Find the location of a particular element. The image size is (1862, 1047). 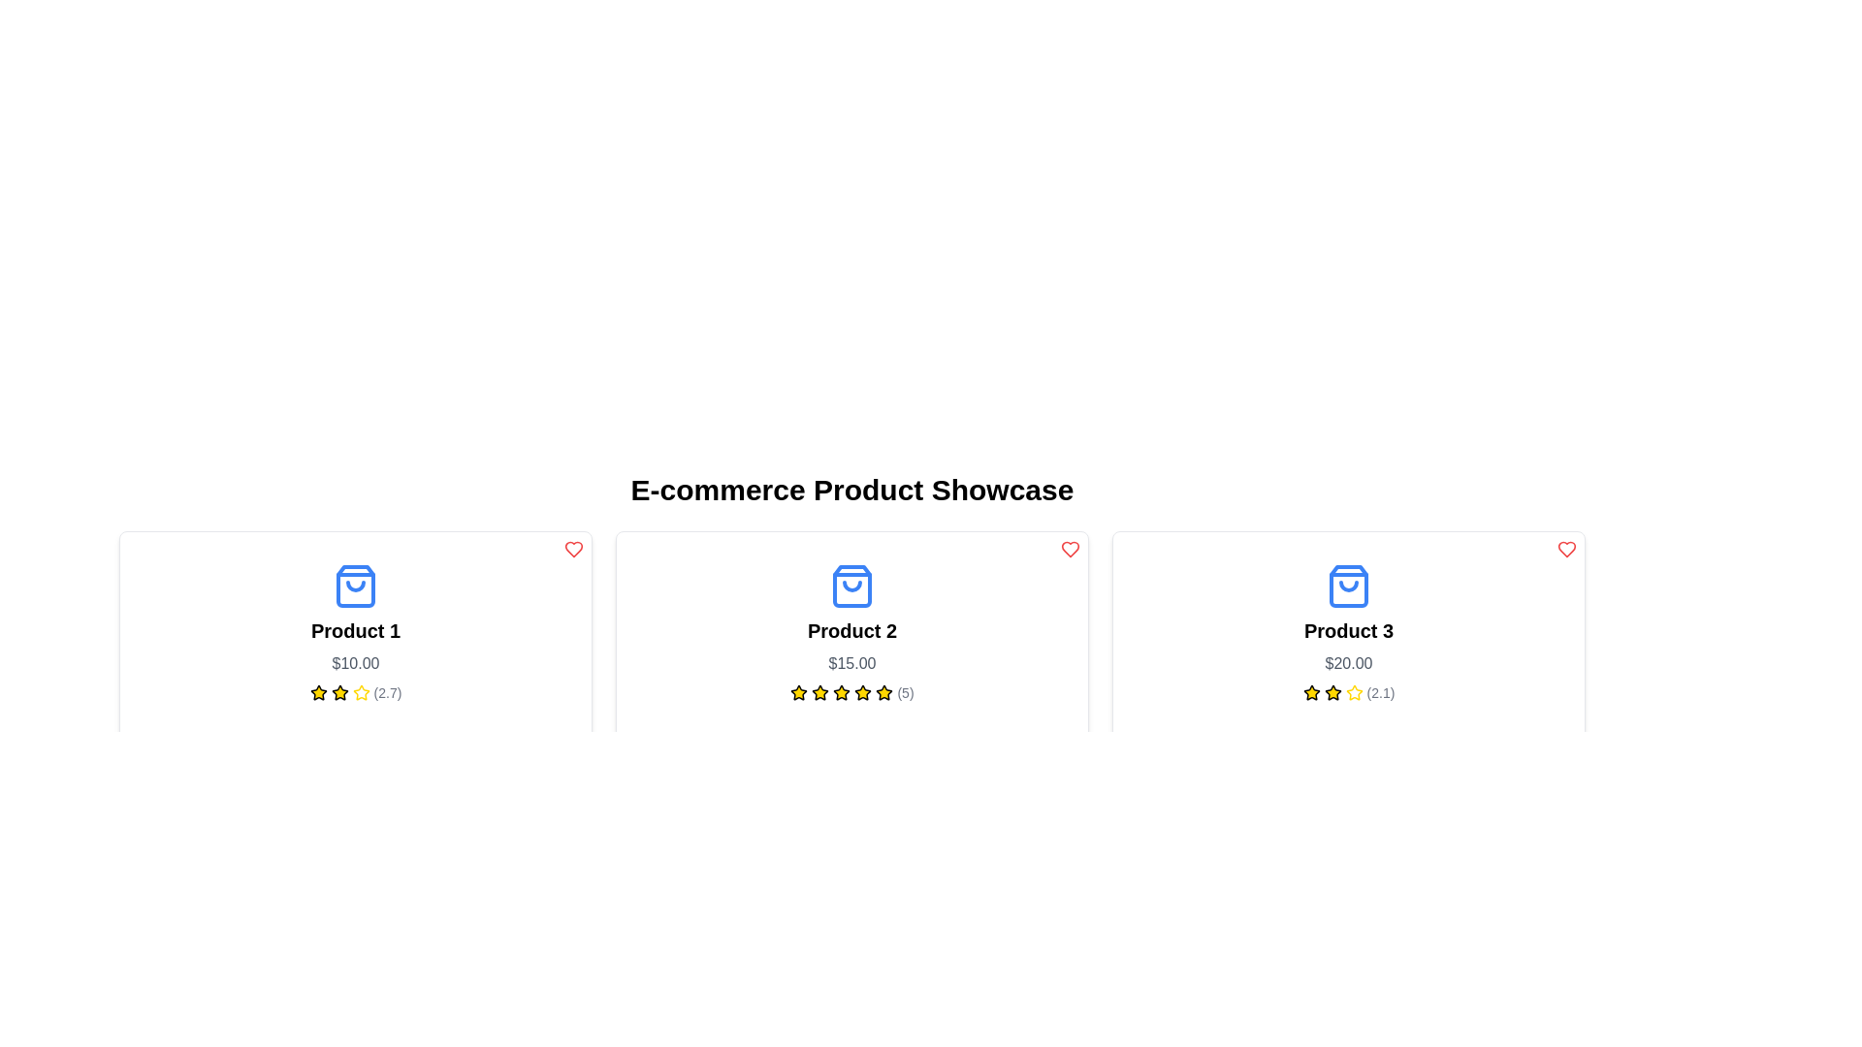

the second star is located at coordinates (361, 691).